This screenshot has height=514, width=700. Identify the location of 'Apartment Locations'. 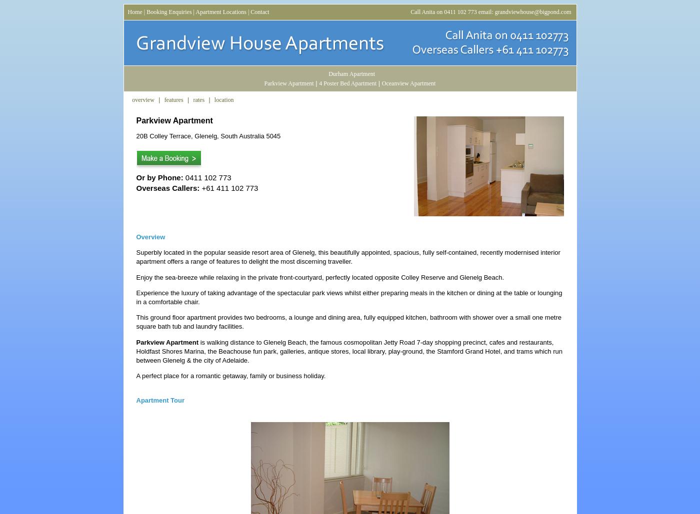
(220, 11).